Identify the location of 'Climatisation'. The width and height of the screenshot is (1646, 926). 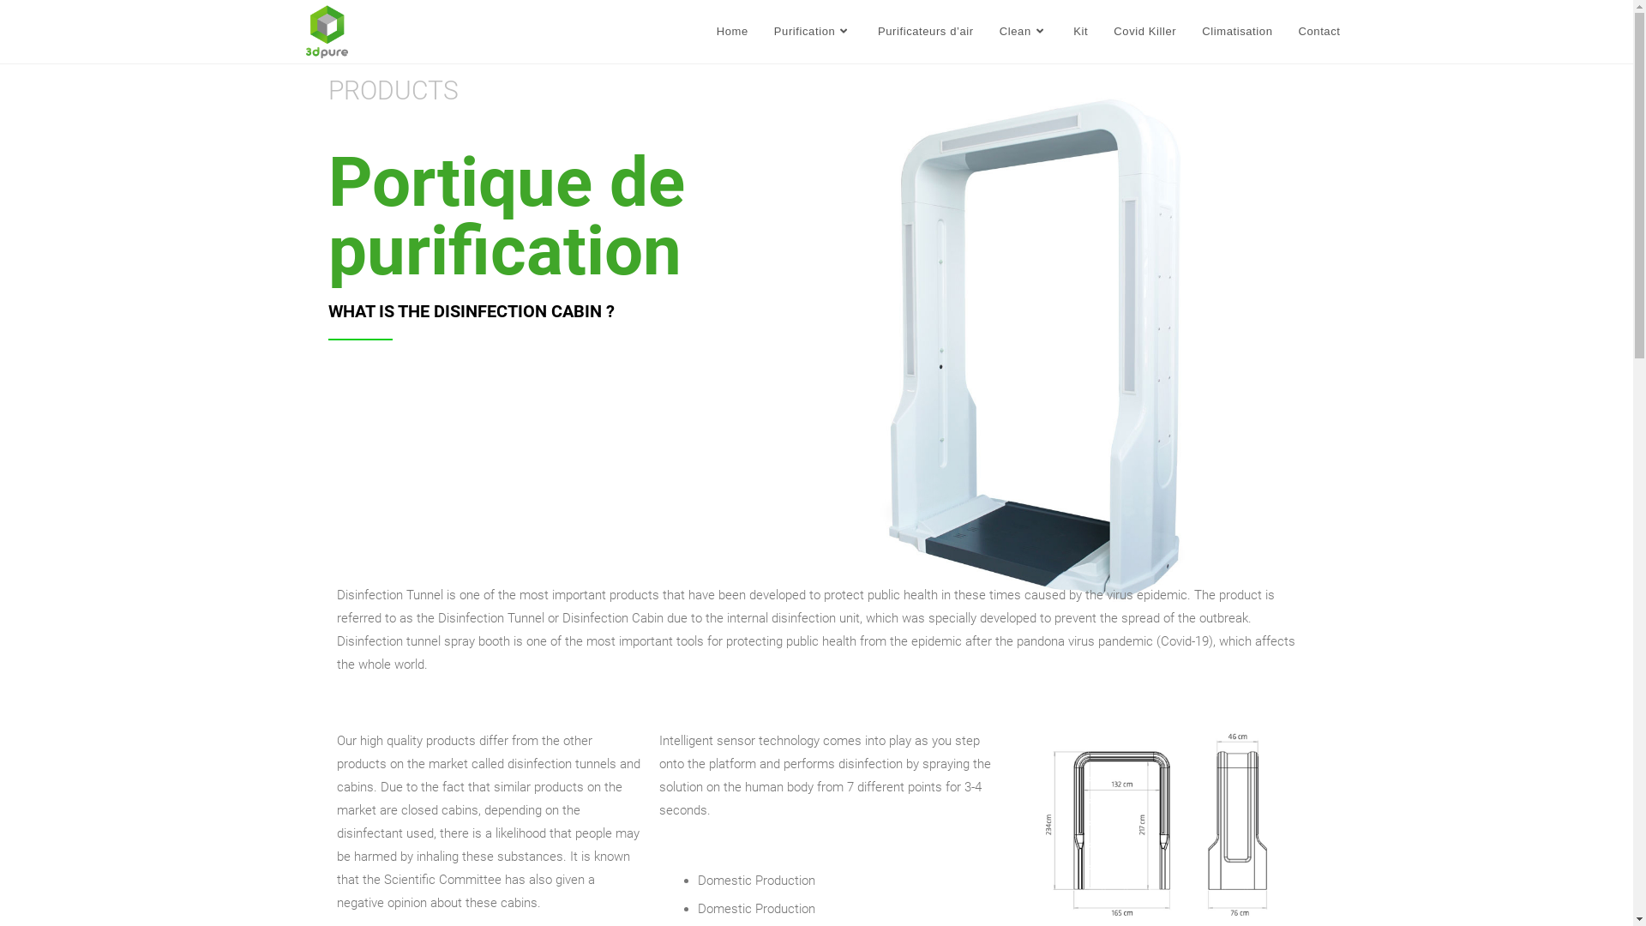
(1237, 32).